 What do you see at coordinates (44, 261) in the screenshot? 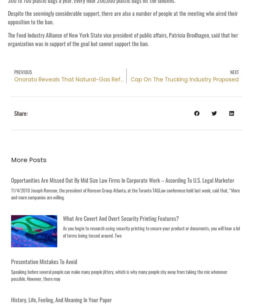
I see `'Presentation Mistakes To Avoid'` at bounding box center [44, 261].